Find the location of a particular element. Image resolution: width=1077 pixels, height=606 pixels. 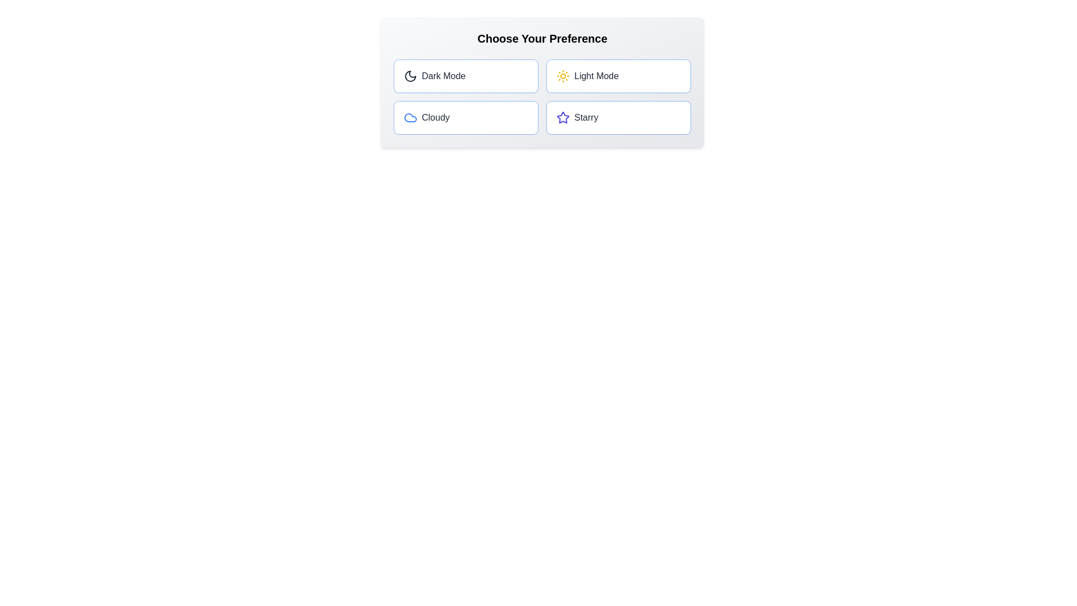

the star icon labeled 'Starry' located in the bottom right card is located at coordinates (577, 117).